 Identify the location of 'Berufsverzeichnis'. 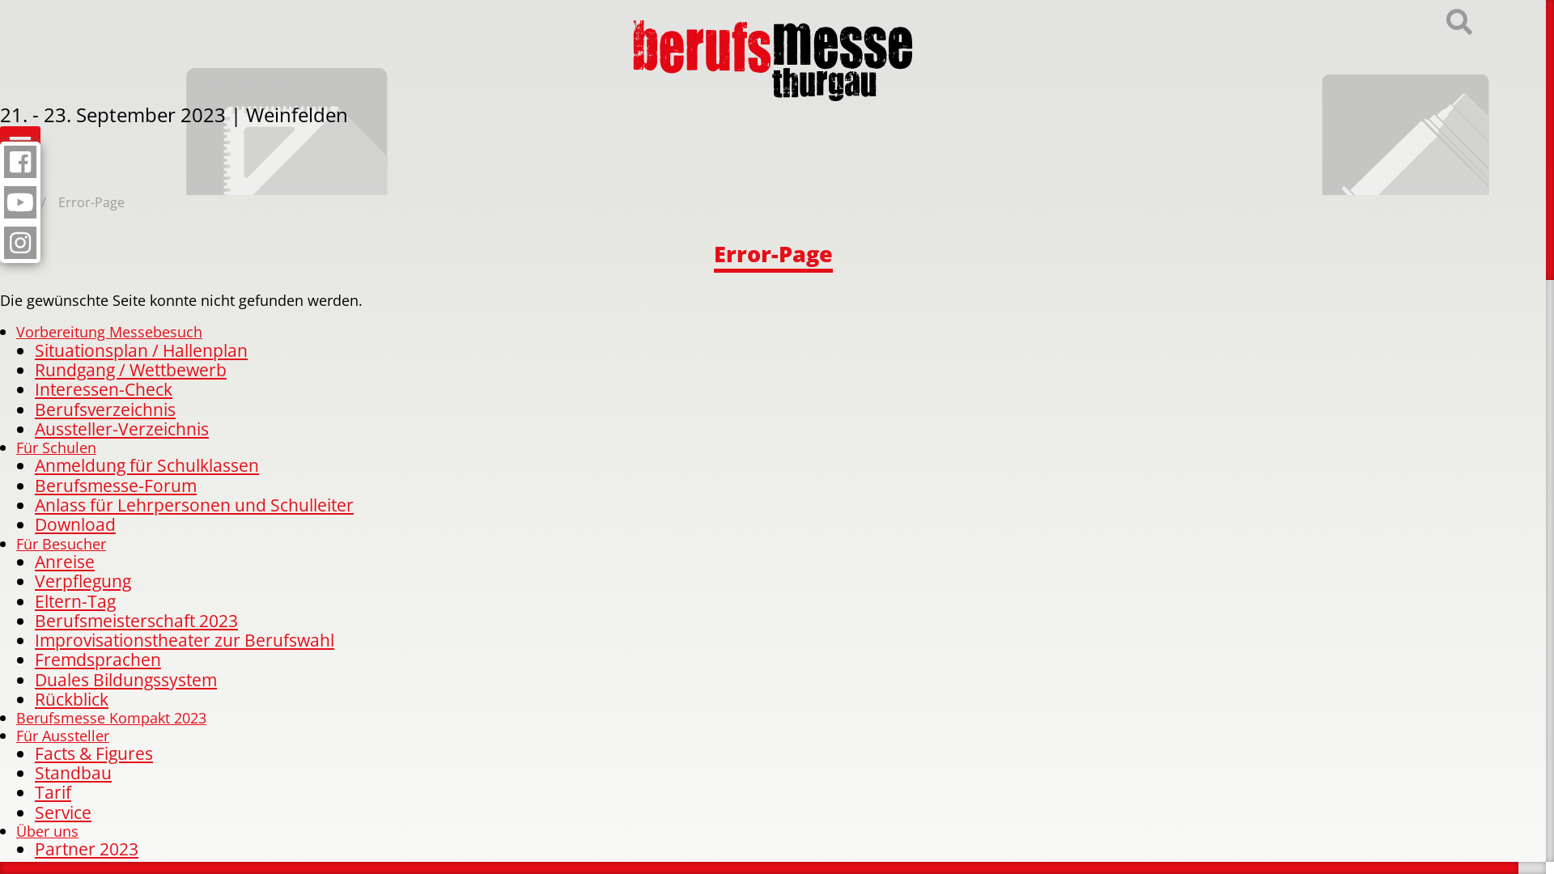
(104, 408).